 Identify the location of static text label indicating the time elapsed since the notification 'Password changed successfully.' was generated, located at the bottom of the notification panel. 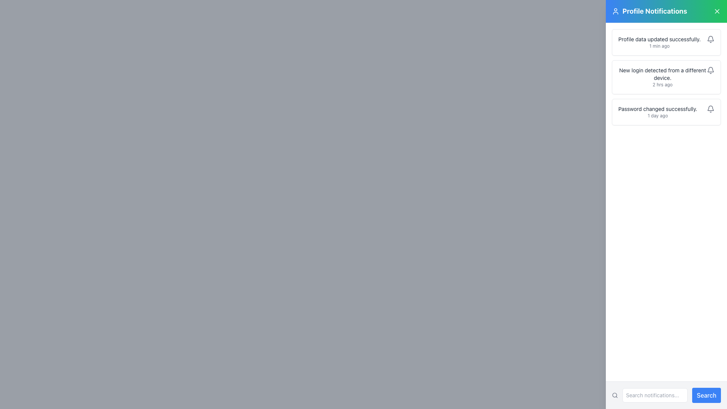
(657, 116).